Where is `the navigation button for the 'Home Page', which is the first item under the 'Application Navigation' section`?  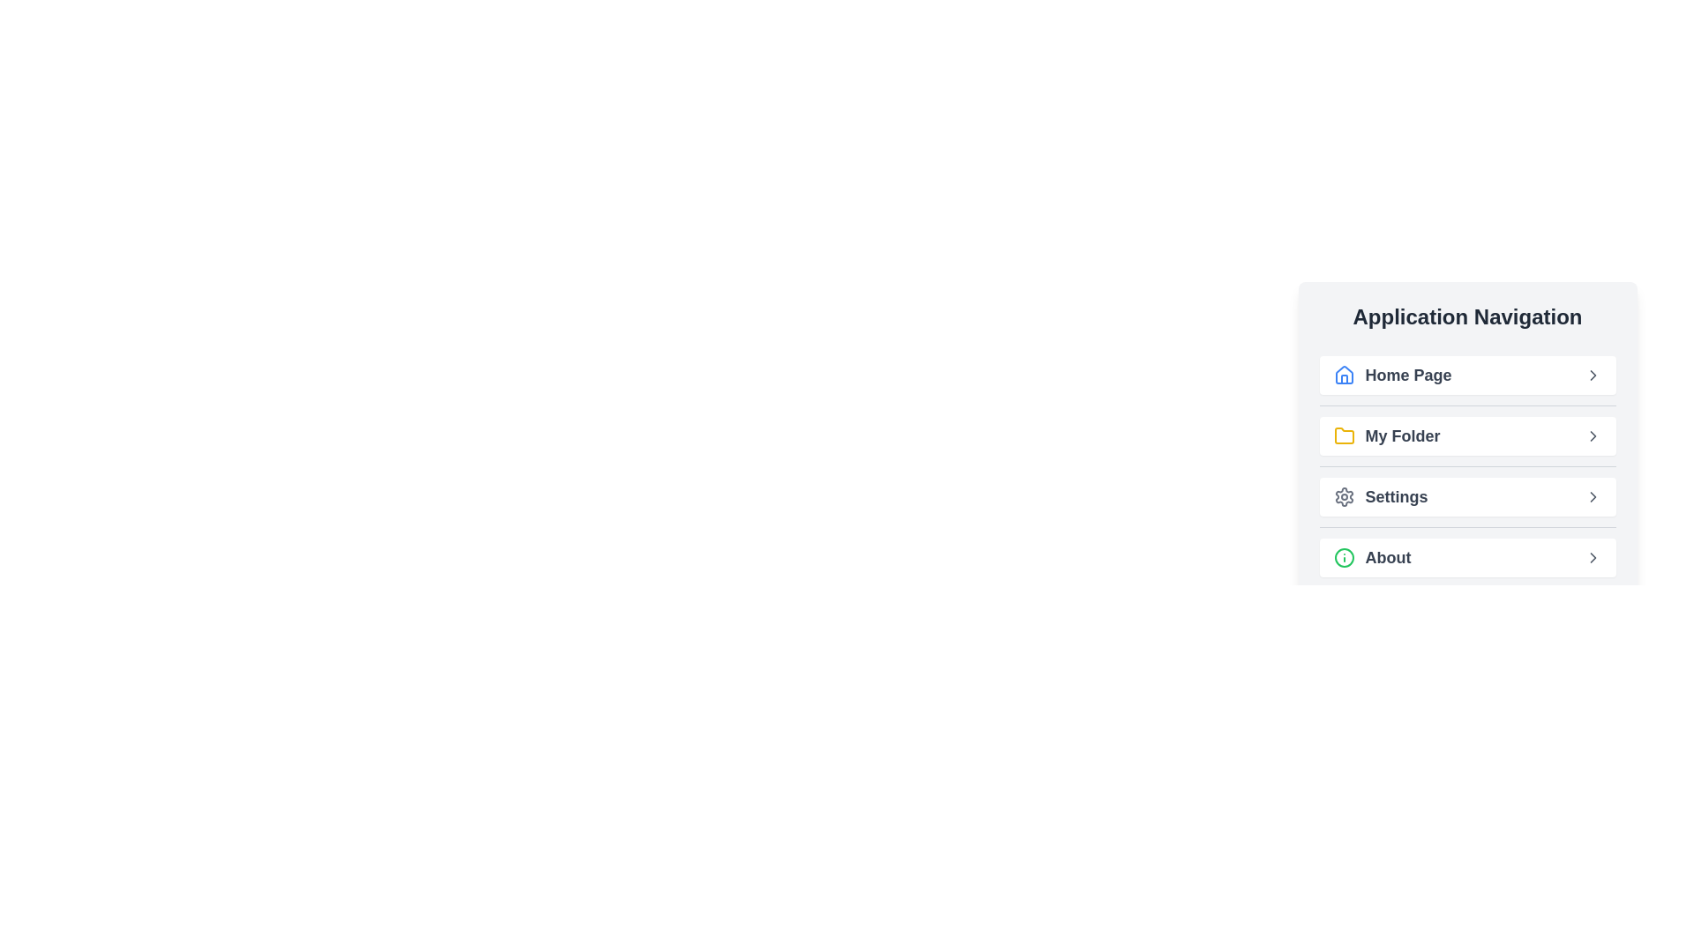 the navigation button for the 'Home Page', which is the first item under the 'Application Navigation' section is located at coordinates (1467, 374).